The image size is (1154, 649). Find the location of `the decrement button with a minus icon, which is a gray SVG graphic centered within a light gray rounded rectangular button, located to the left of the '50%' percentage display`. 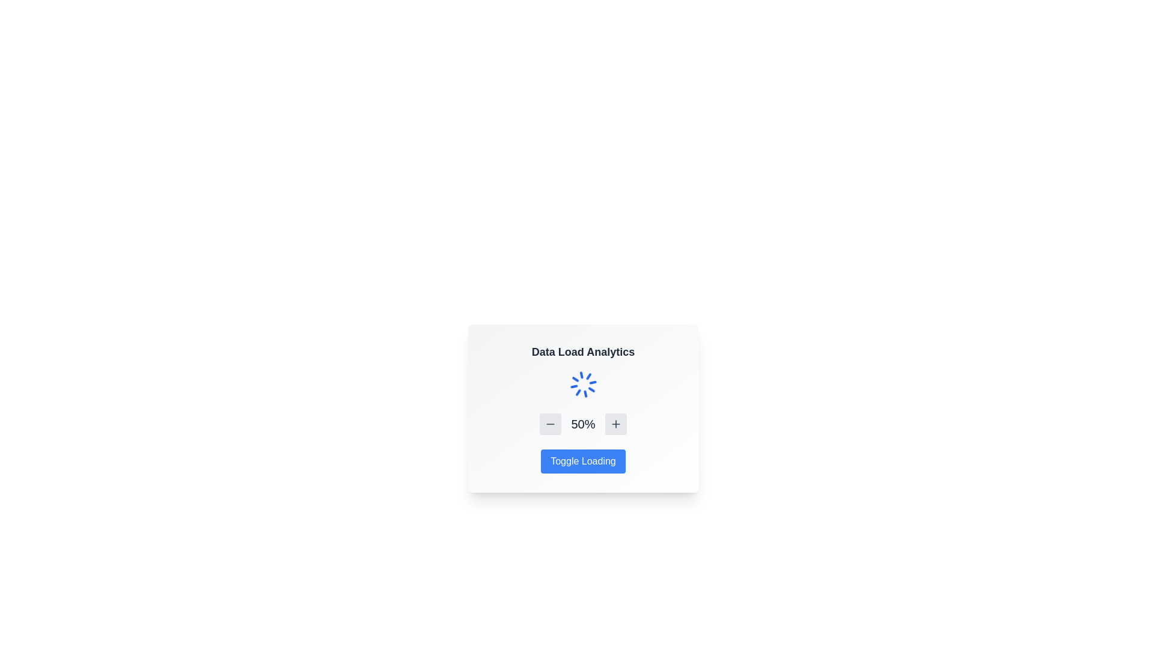

the decrement button with a minus icon, which is a gray SVG graphic centered within a light gray rounded rectangular button, located to the left of the '50%' percentage display is located at coordinates (550, 423).